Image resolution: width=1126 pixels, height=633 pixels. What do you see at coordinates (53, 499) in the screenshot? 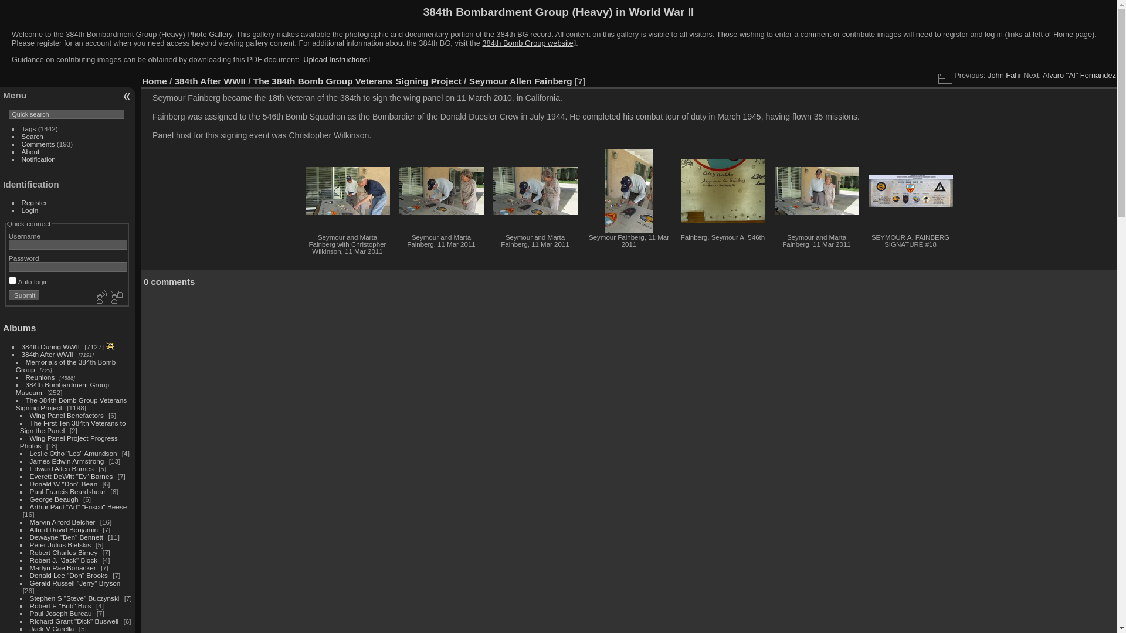
I see `'George Beaugh'` at bounding box center [53, 499].